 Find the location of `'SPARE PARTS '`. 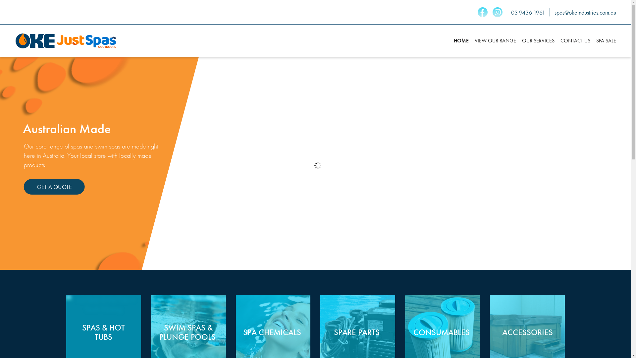

'SPARE PARTS ' is located at coordinates (357, 332).